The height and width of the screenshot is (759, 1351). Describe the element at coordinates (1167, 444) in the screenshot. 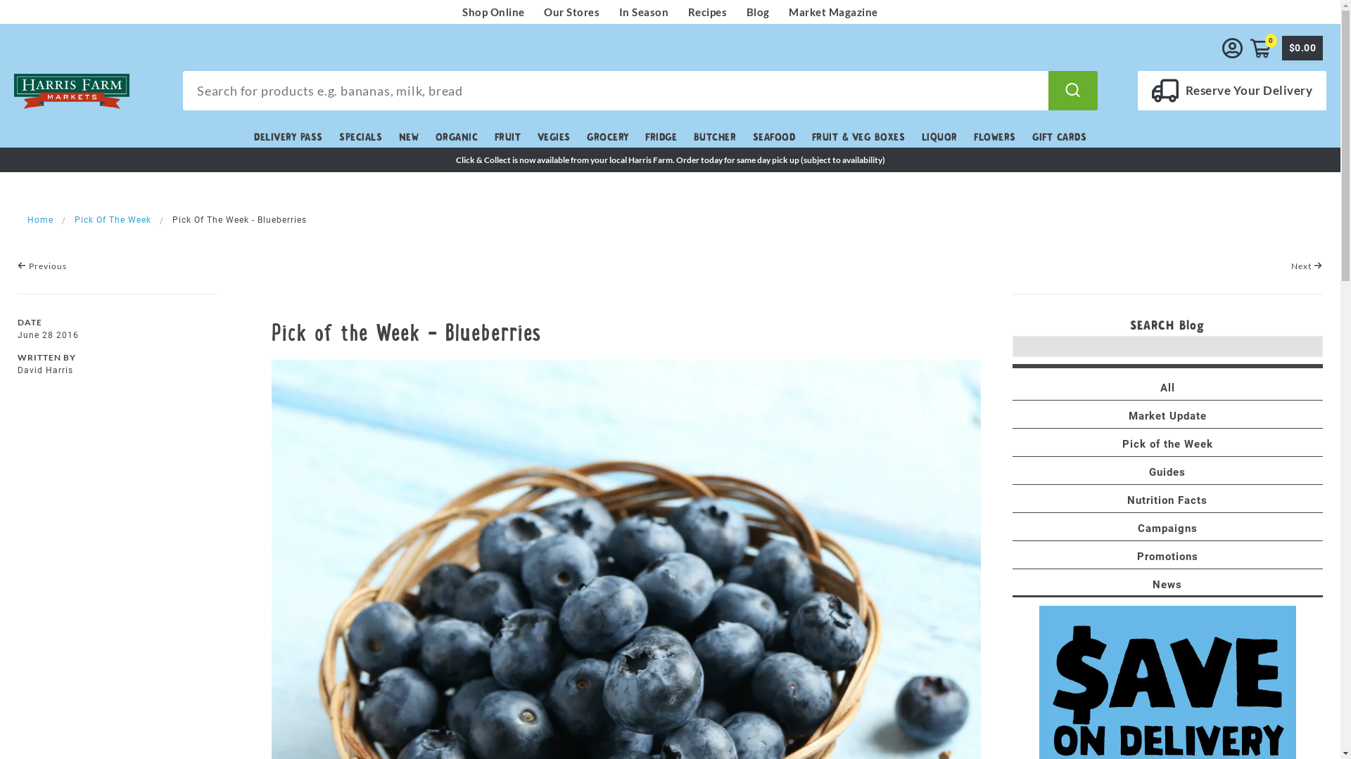

I see `'Pick of the Week'` at that location.